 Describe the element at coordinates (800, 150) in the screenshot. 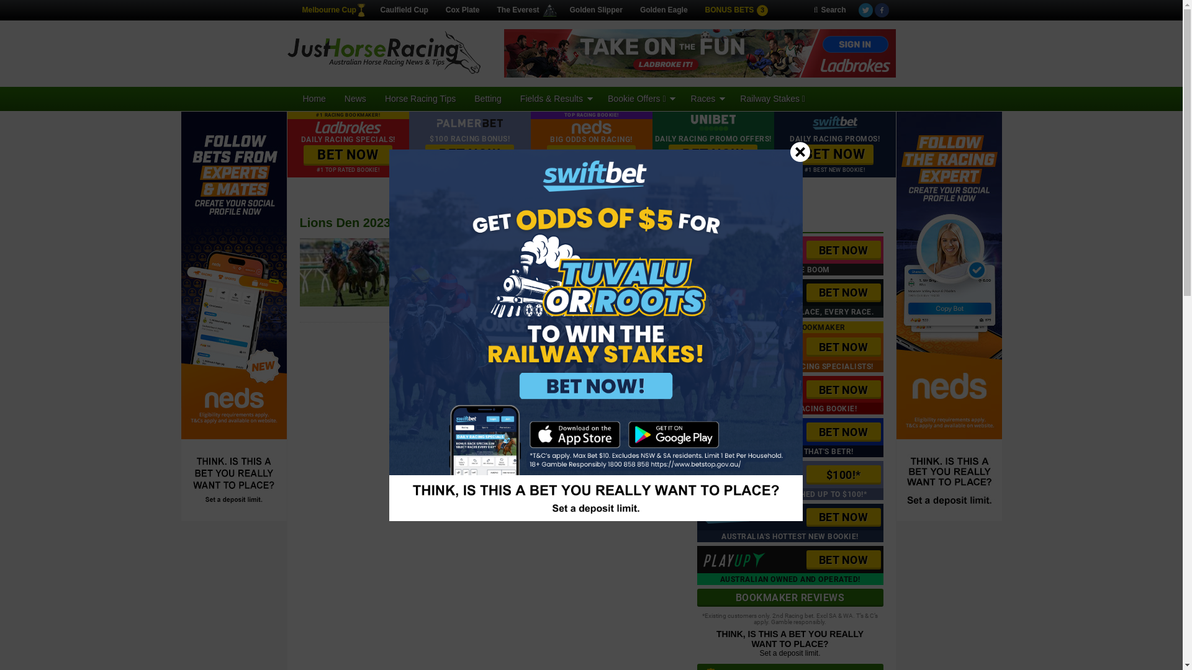

I see `'Close'` at that location.